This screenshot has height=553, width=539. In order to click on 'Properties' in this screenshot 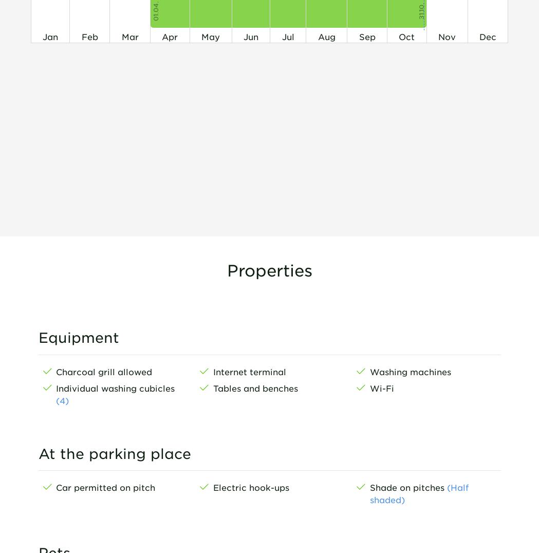, I will do `click(268, 270)`.